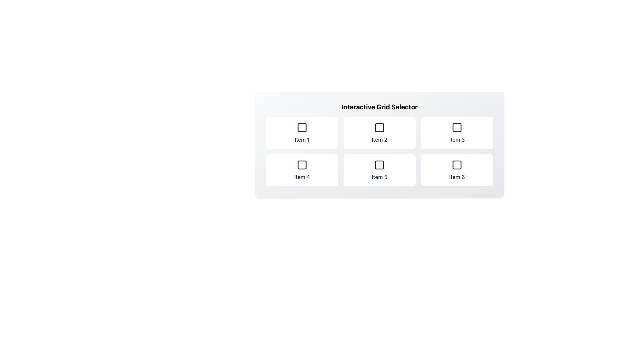  I want to click on the selectable grid item labeled 'Item 4', so click(302, 170).